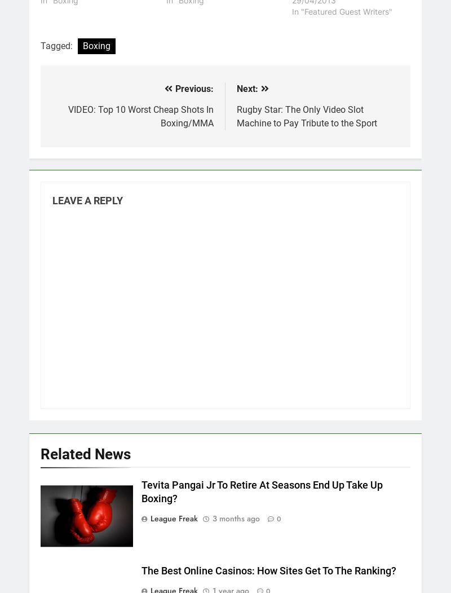 The image size is (451, 593). Describe the element at coordinates (46, 28) in the screenshot. I see `'The 2025 NRL Draw – Every Game, Every Venue, Every Club!'` at that location.